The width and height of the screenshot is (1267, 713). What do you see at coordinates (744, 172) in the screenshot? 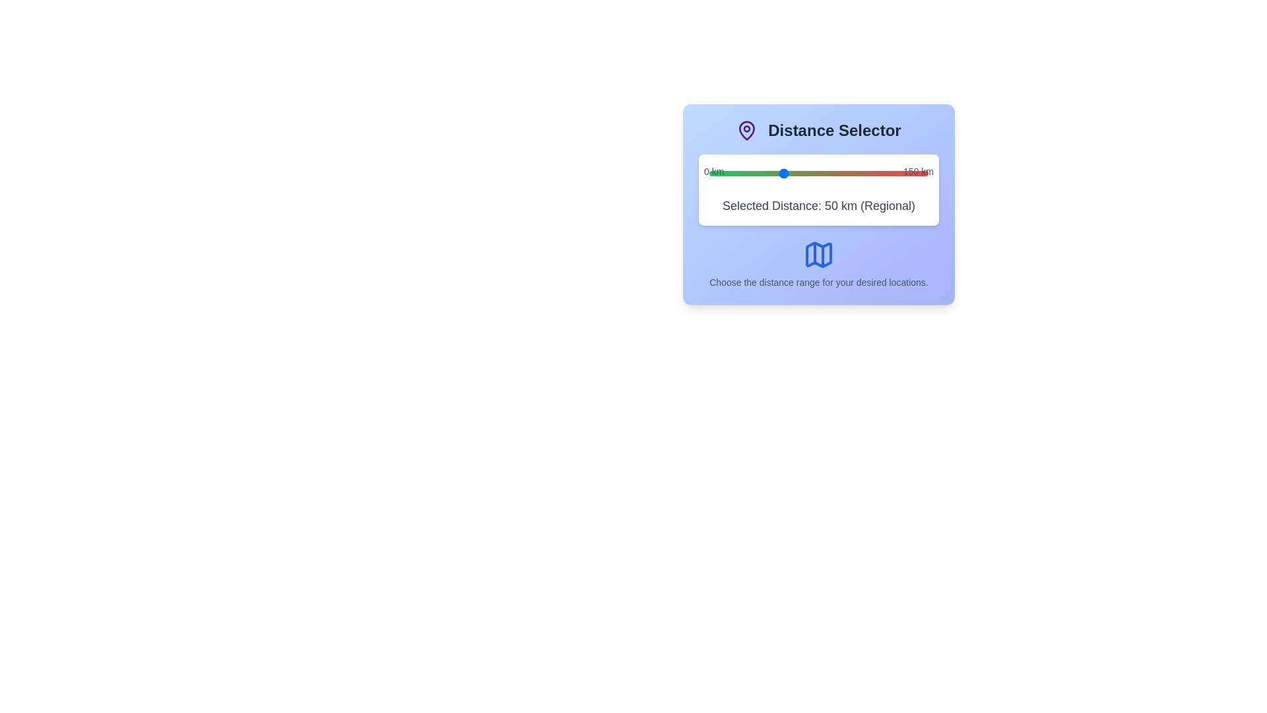
I see `the slider to set the distance to 24 km` at bounding box center [744, 172].